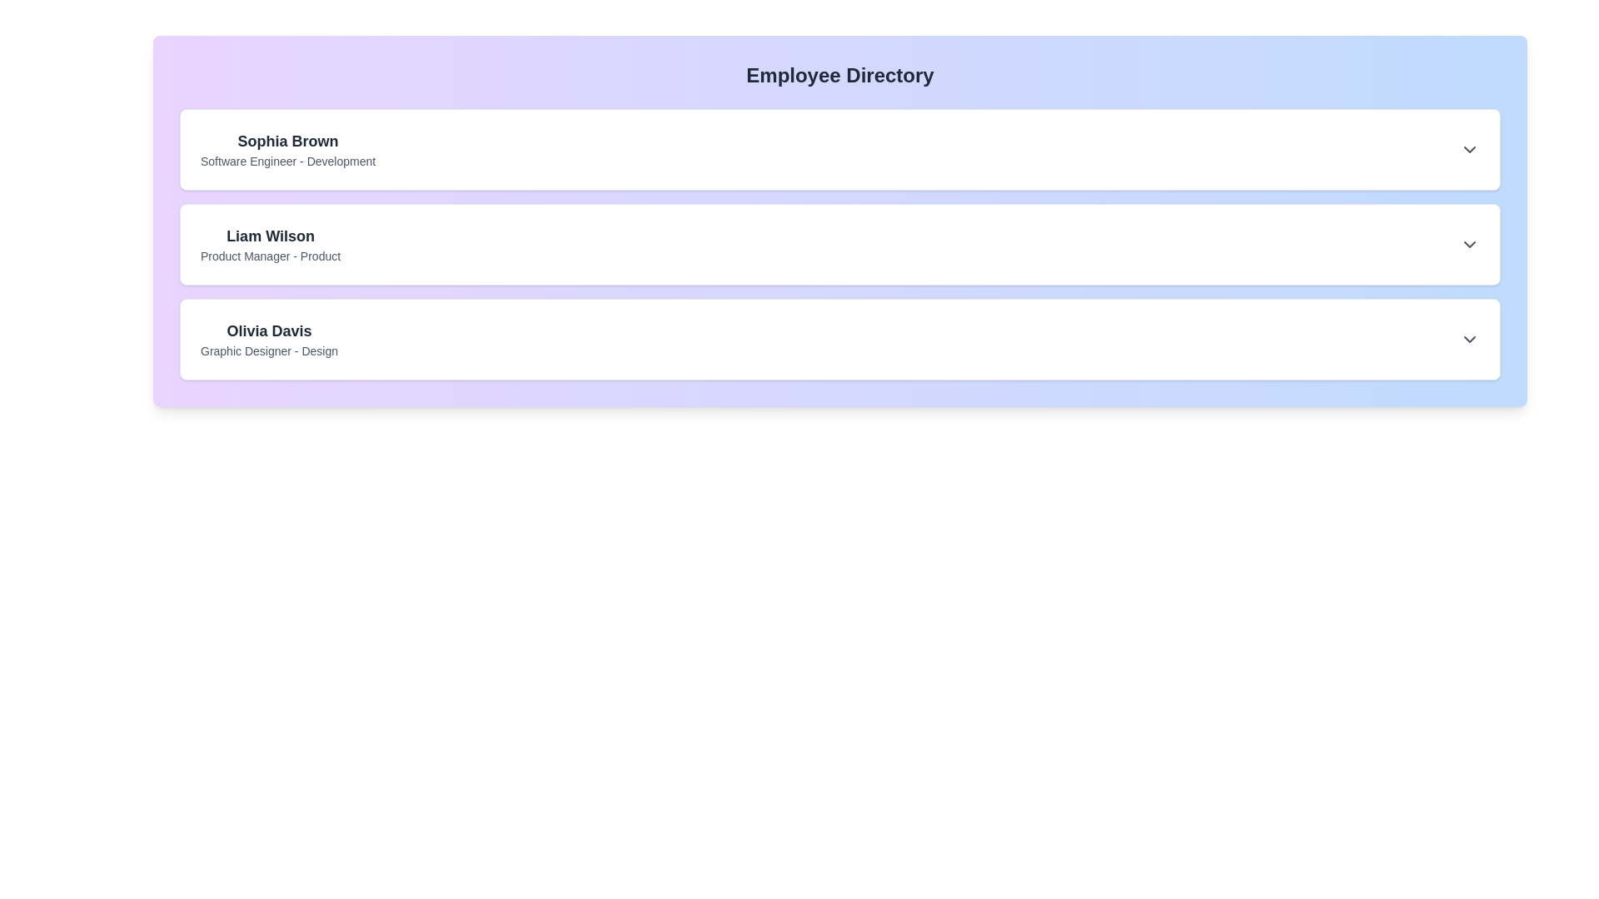 This screenshot has height=899, width=1599. What do you see at coordinates (287, 161) in the screenshot?
I see `the text label that reads 'Software Engineer - Development', which is styled as smaller, lighter text in gray color and positioned below the primary label 'Sophia Brown'` at bounding box center [287, 161].